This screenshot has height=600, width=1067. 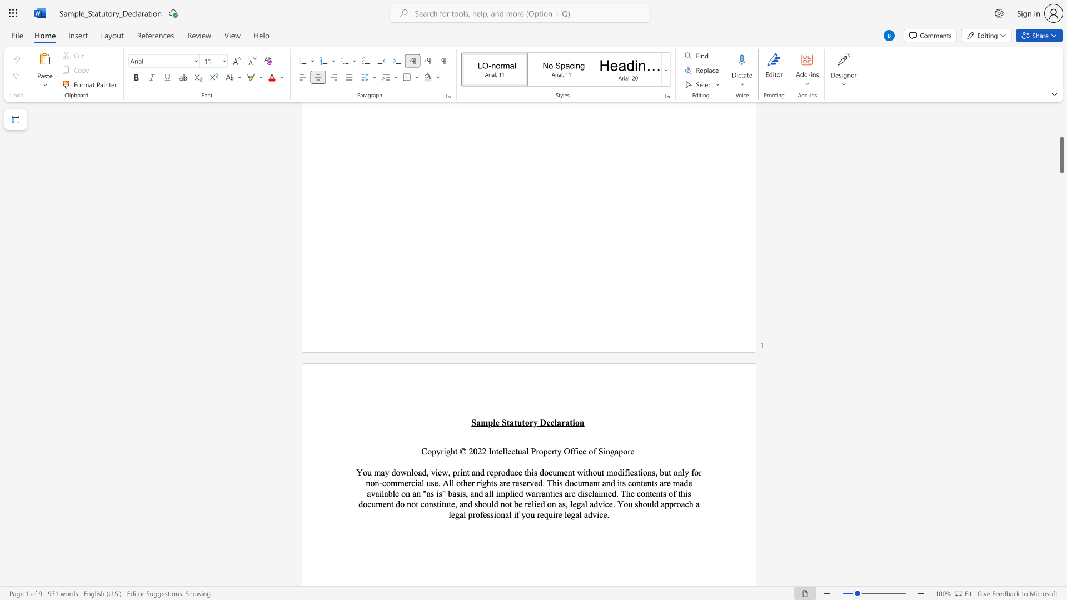 I want to click on the scrollbar and move up 20 pixels, so click(x=1061, y=155).